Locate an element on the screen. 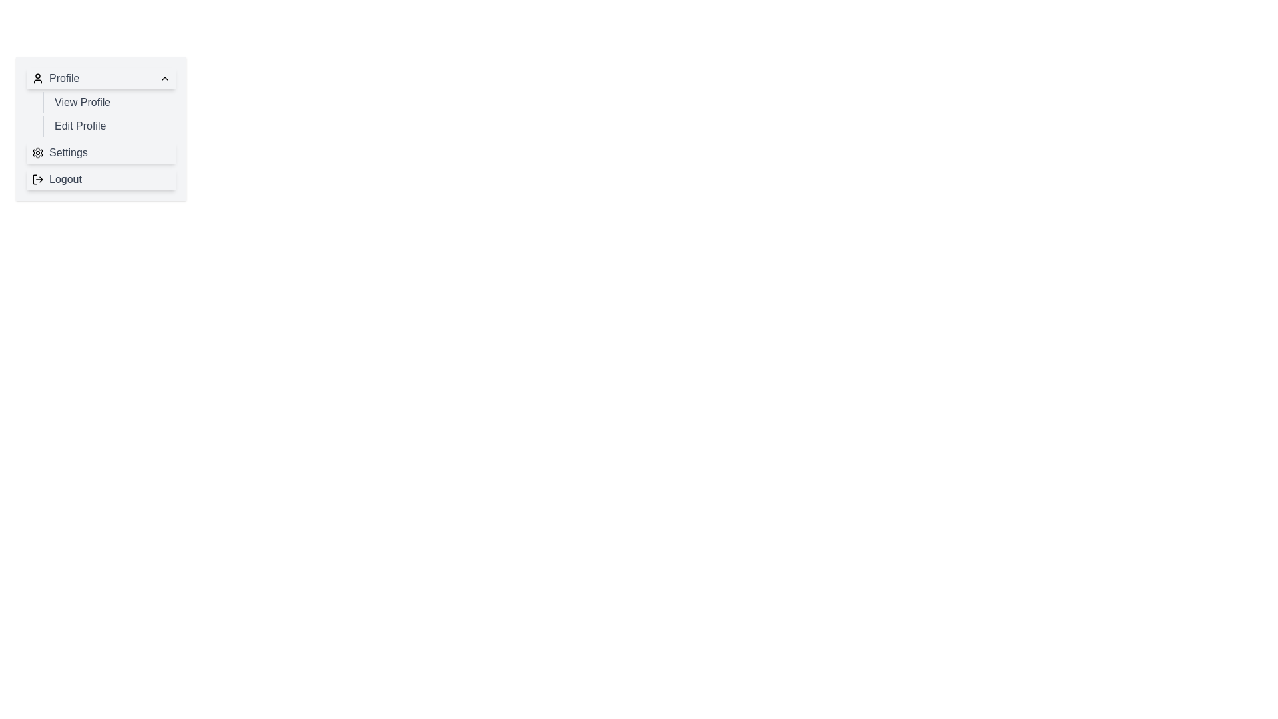 Image resolution: width=1278 pixels, height=719 pixels. the log-out button located at the bottom of the vertical menu list to terminate the session and log out of the application is located at coordinates (56, 180).